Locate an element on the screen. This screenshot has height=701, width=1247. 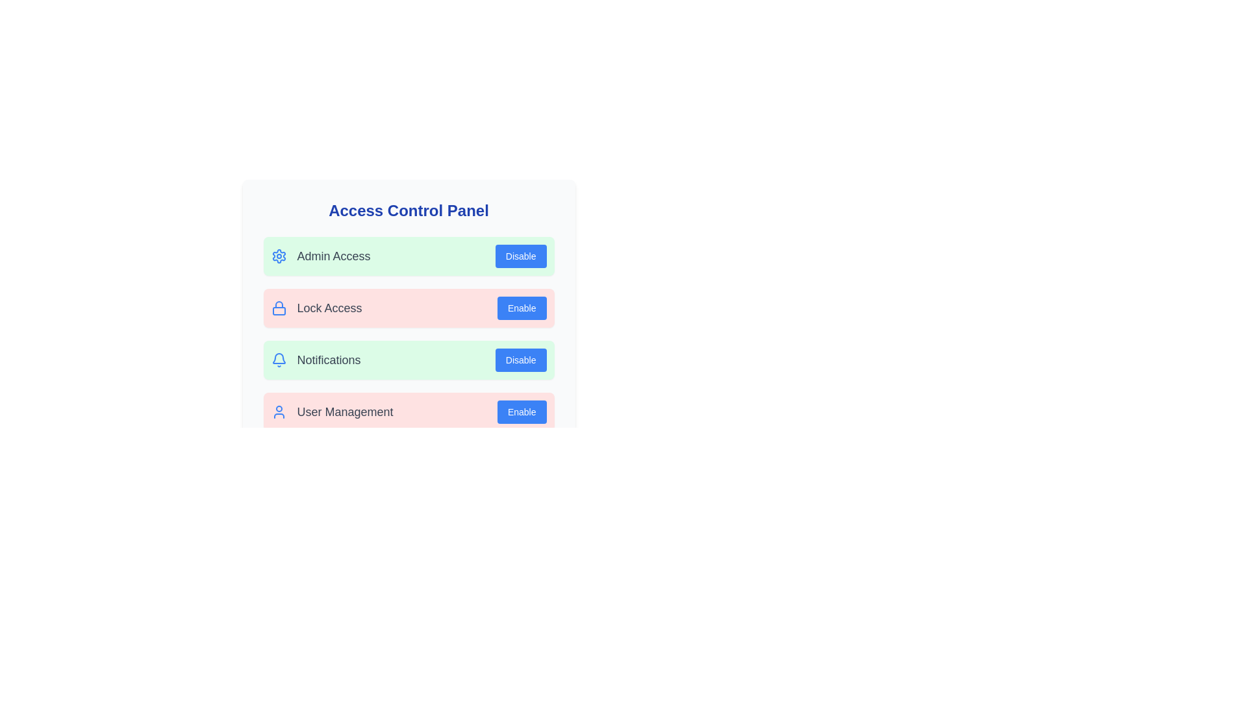
the 'Enable' button for 'Lock Access' to toggle its access is located at coordinates (522, 308).